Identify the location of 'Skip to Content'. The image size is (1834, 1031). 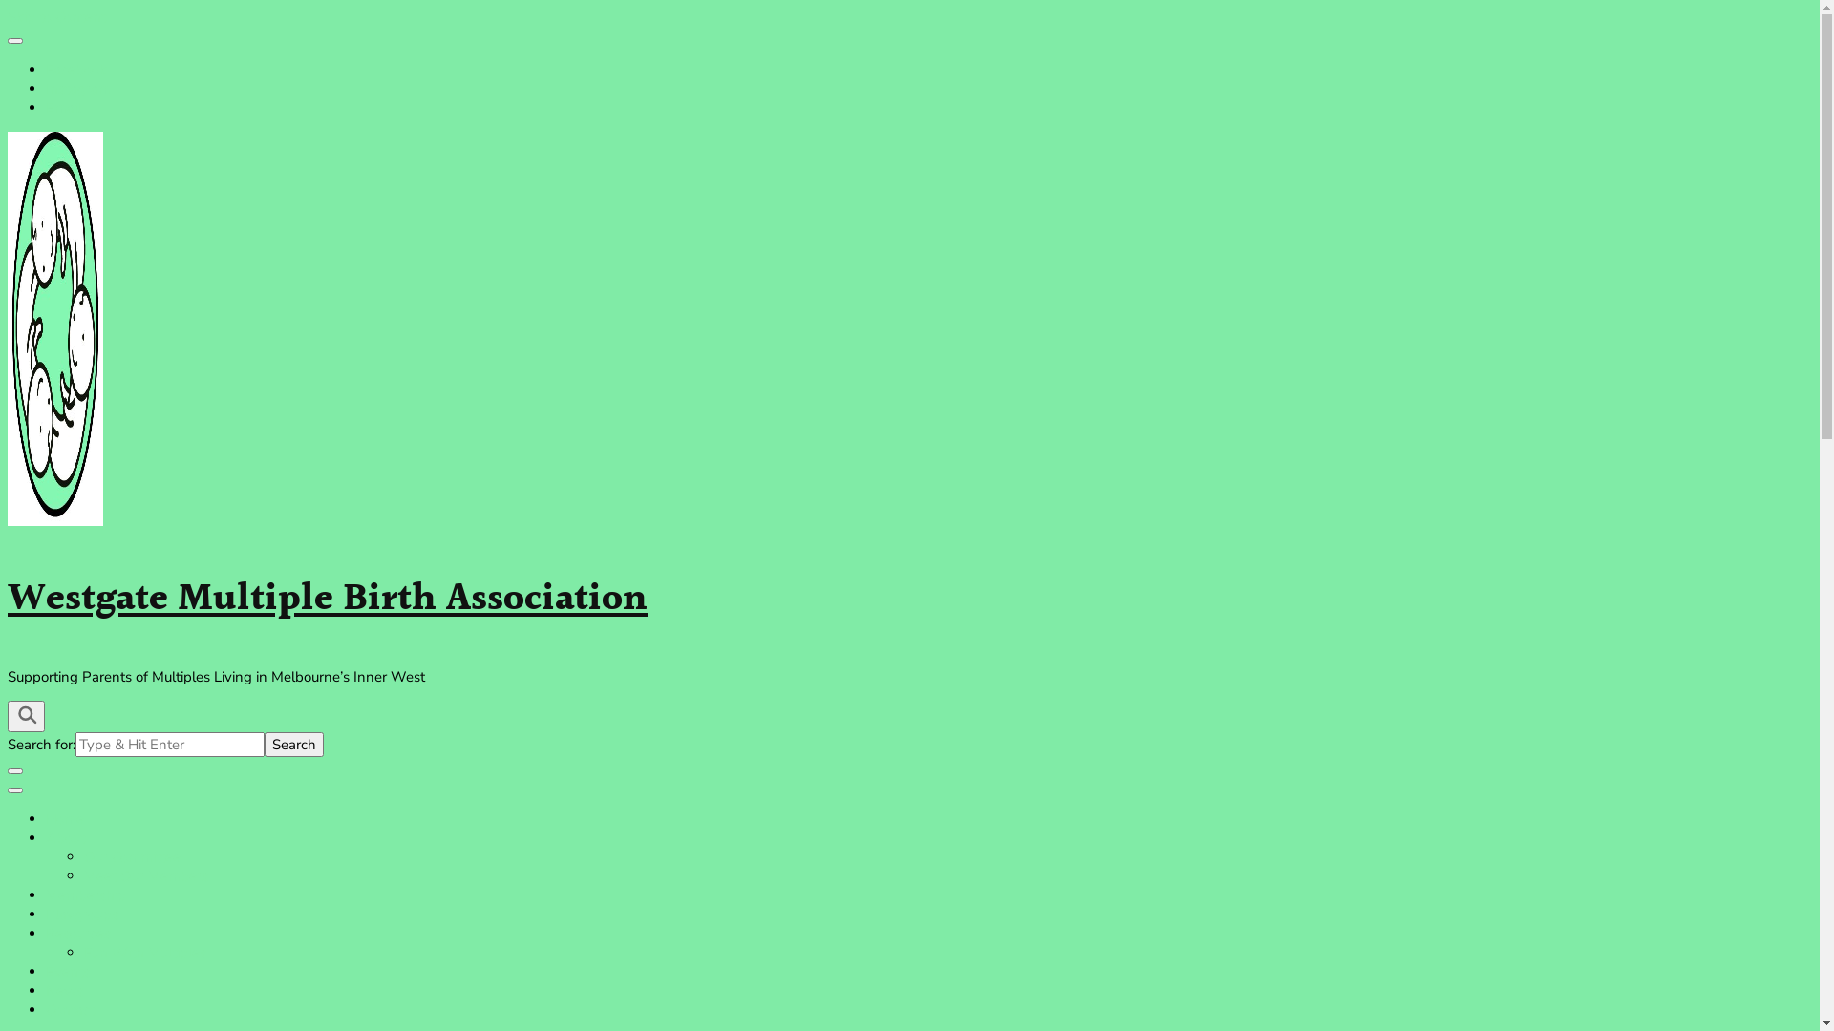
(56, 17).